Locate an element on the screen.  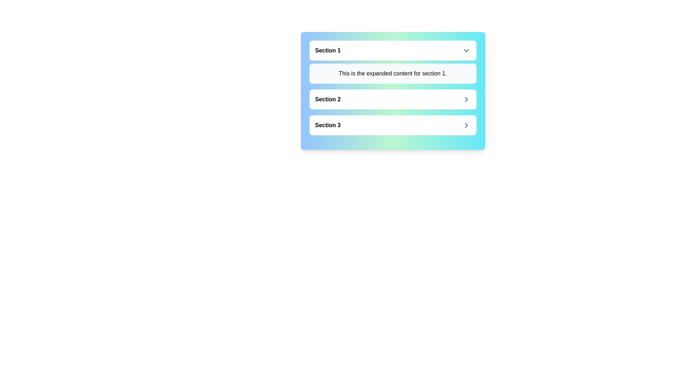
the 'Section 3' button is located at coordinates (392, 125).